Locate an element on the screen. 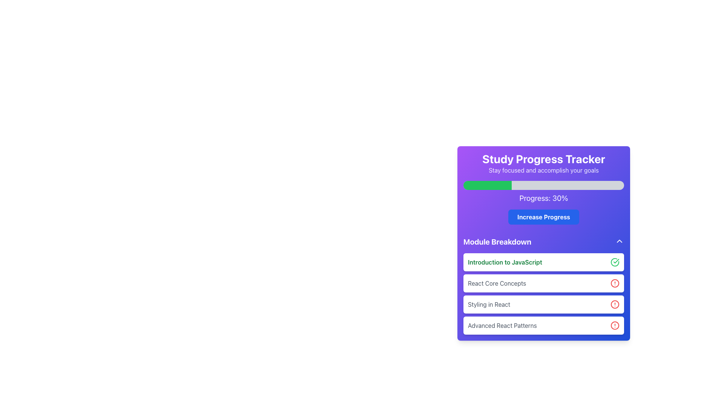 The image size is (724, 407). the motivational subtitle text in the 'Study Progress Tracker' section located on a purple-shaded card interface, positioned directly beneath the heading is located at coordinates (543, 170).